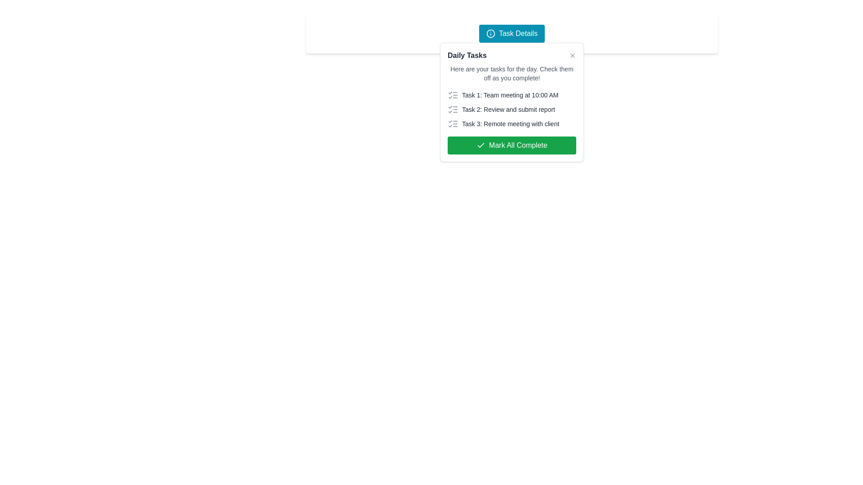 Image resolution: width=863 pixels, height=485 pixels. I want to click on the gray checklist icon next to the text 'Task 3: Remote meeting with client' in the 'Daily Tasks' pop-up, so click(453, 124).